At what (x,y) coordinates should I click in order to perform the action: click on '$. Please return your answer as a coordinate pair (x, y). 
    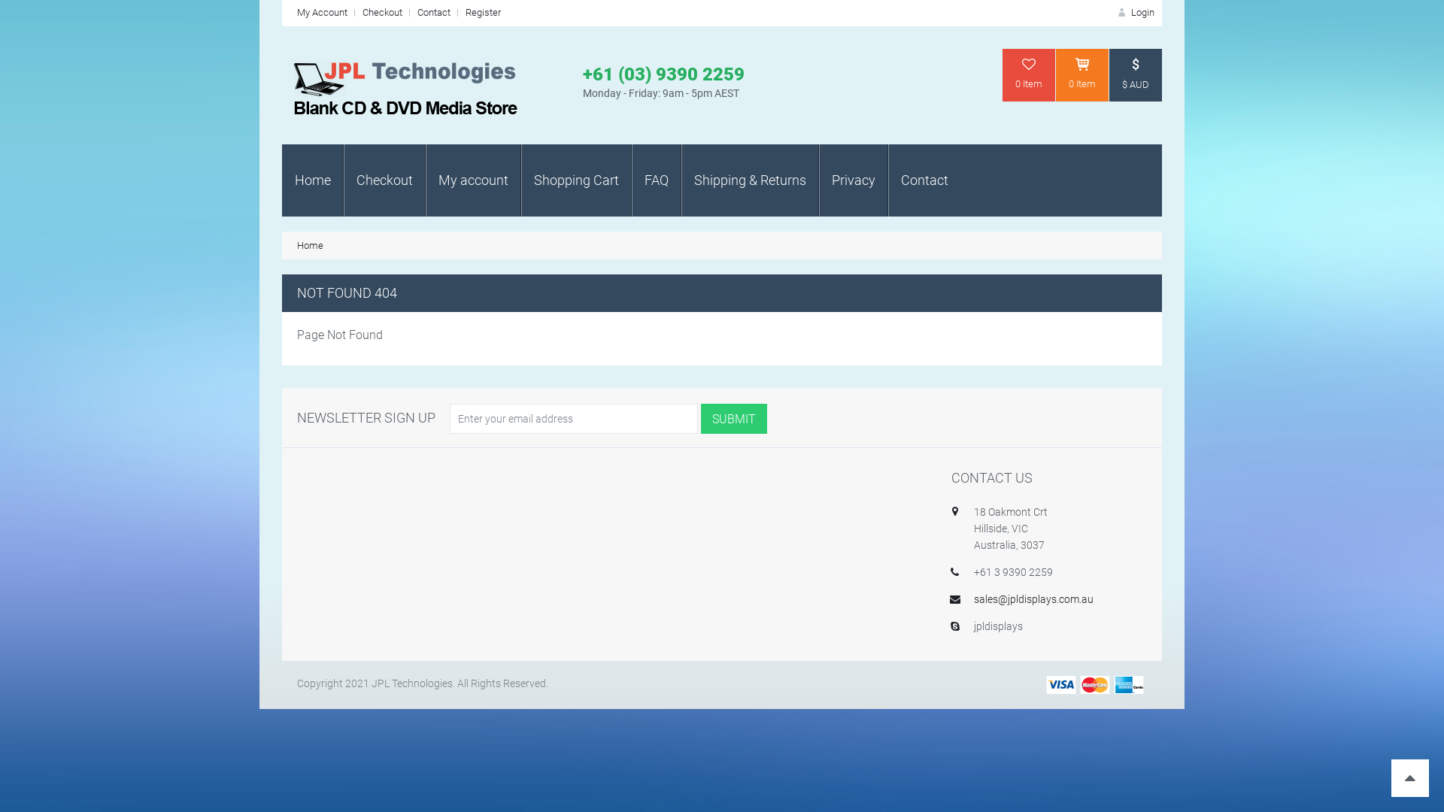
    Looking at the image, I should click on (1136, 75).